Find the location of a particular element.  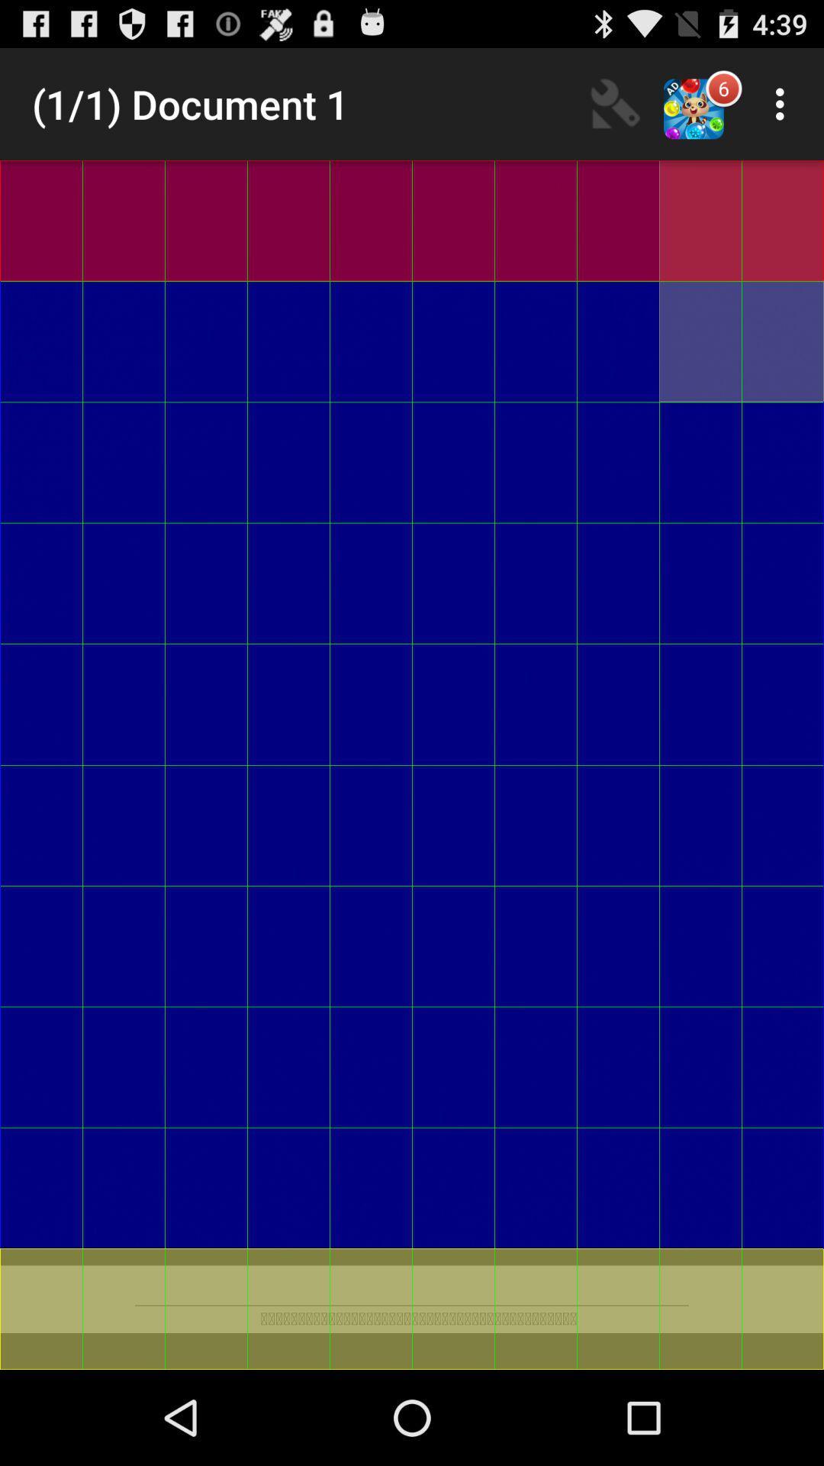

item to the right of 1 1 document item is located at coordinates (614, 103).